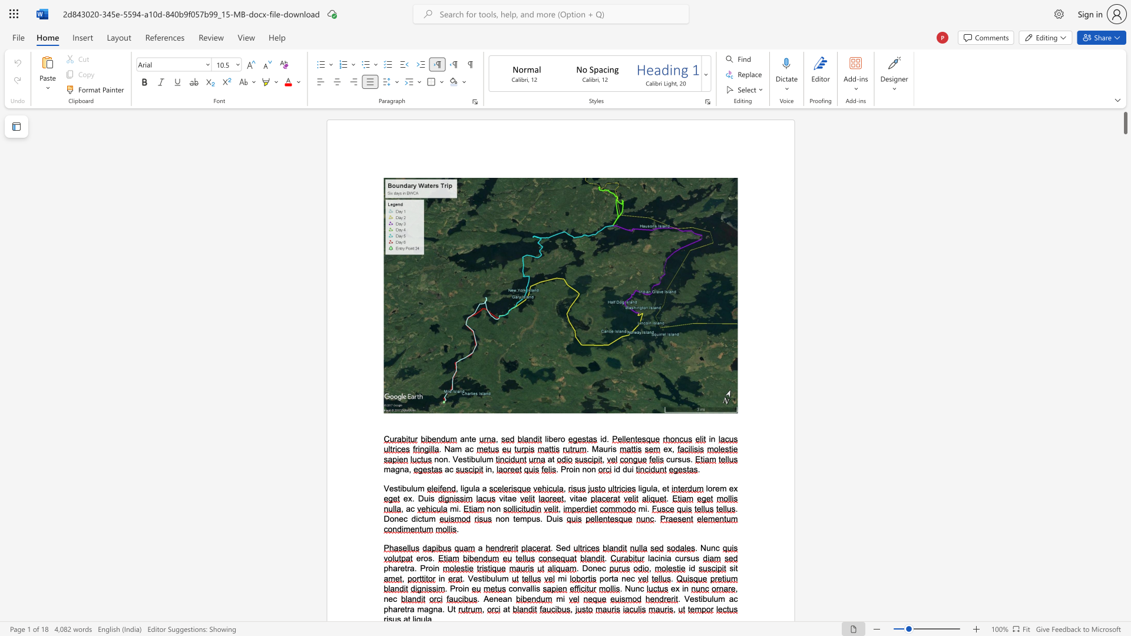 The image size is (1131, 636). What do you see at coordinates (688, 558) in the screenshot?
I see `the 1th character "s" in the text` at bounding box center [688, 558].